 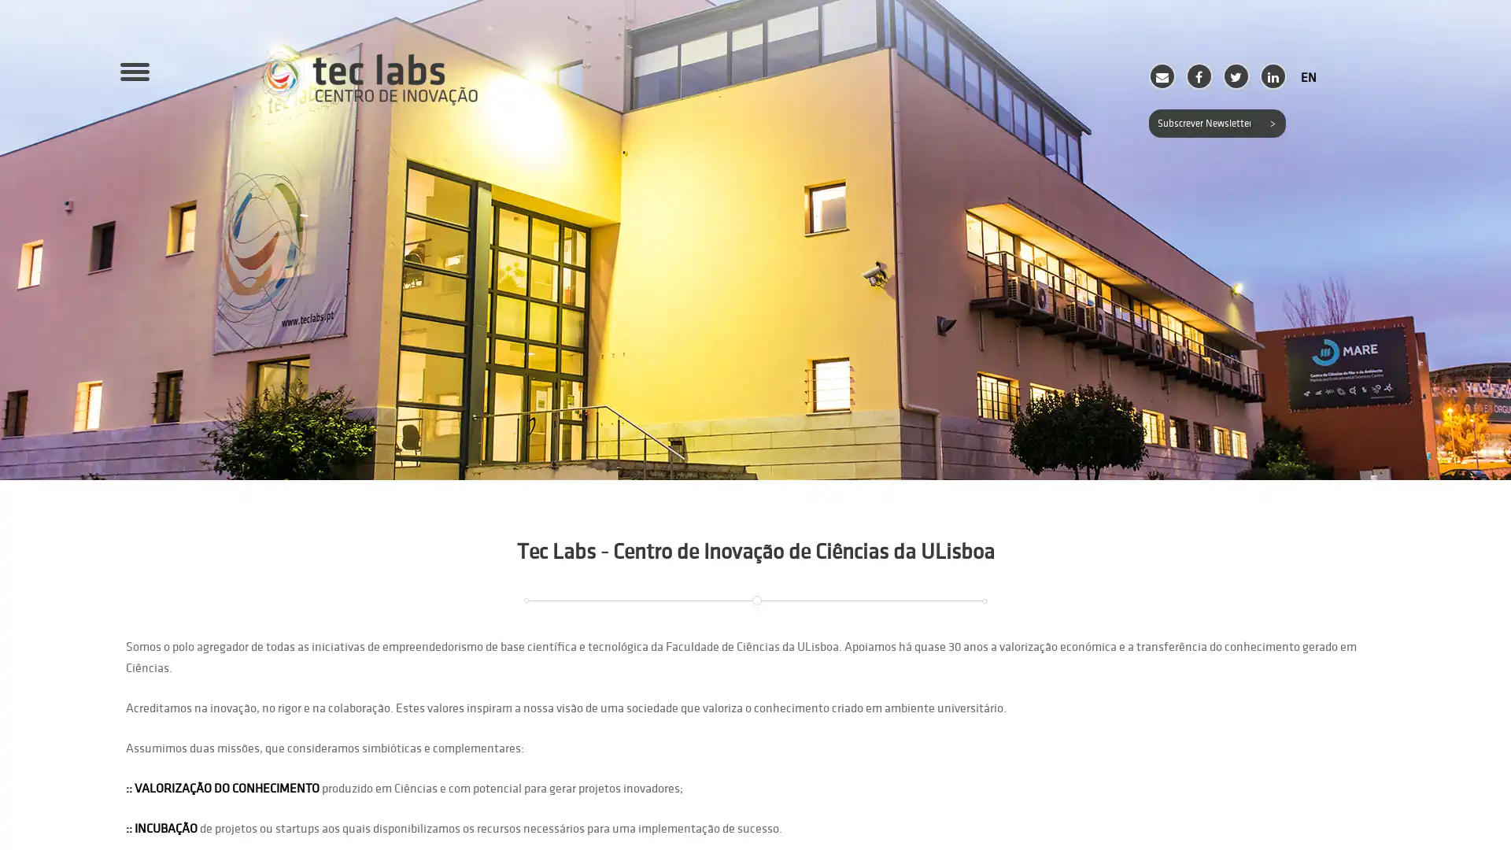 What do you see at coordinates (1271, 123) in the screenshot?
I see `>` at bounding box center [1271, 123].